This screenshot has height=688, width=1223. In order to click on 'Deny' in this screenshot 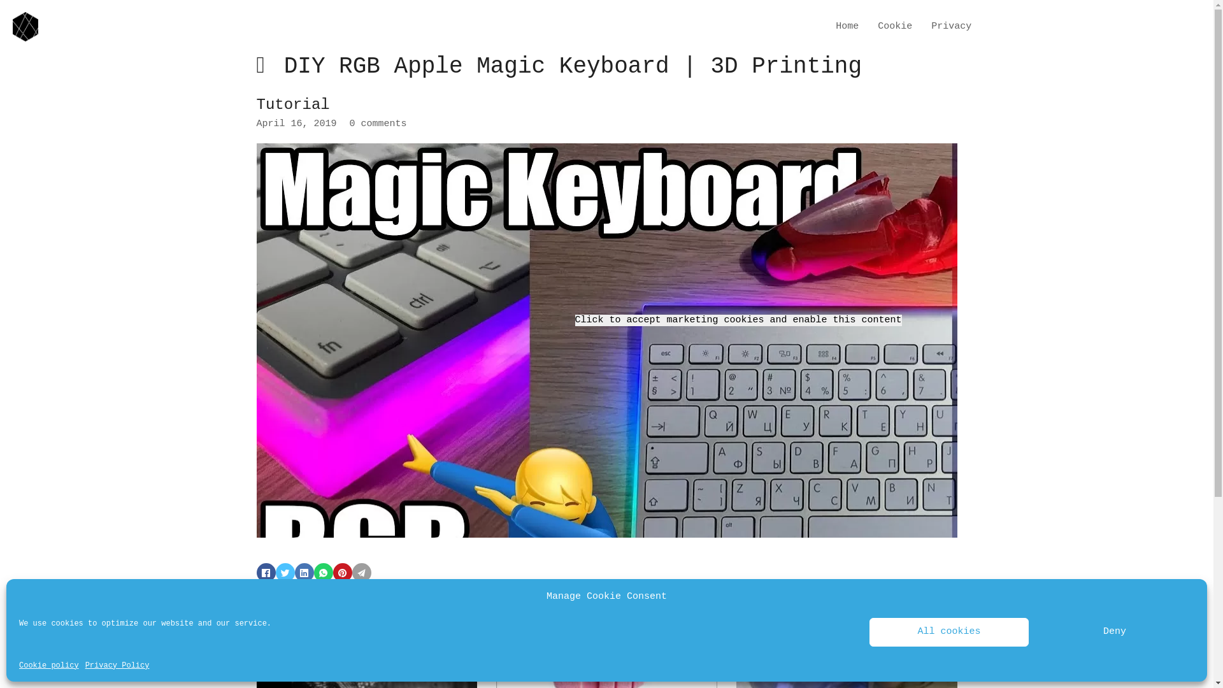, I will do `click(1114, 632)`.